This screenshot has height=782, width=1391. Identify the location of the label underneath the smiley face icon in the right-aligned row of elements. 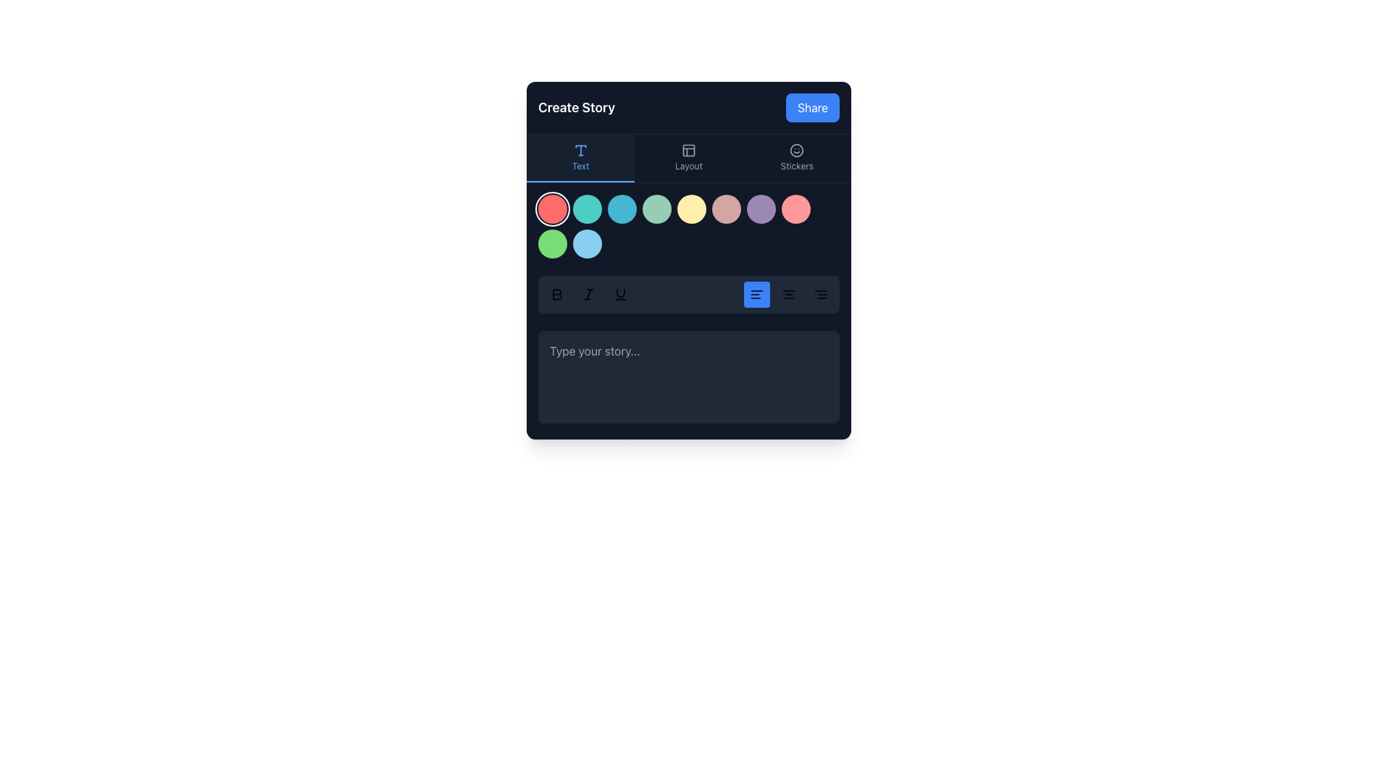
(796, 166).